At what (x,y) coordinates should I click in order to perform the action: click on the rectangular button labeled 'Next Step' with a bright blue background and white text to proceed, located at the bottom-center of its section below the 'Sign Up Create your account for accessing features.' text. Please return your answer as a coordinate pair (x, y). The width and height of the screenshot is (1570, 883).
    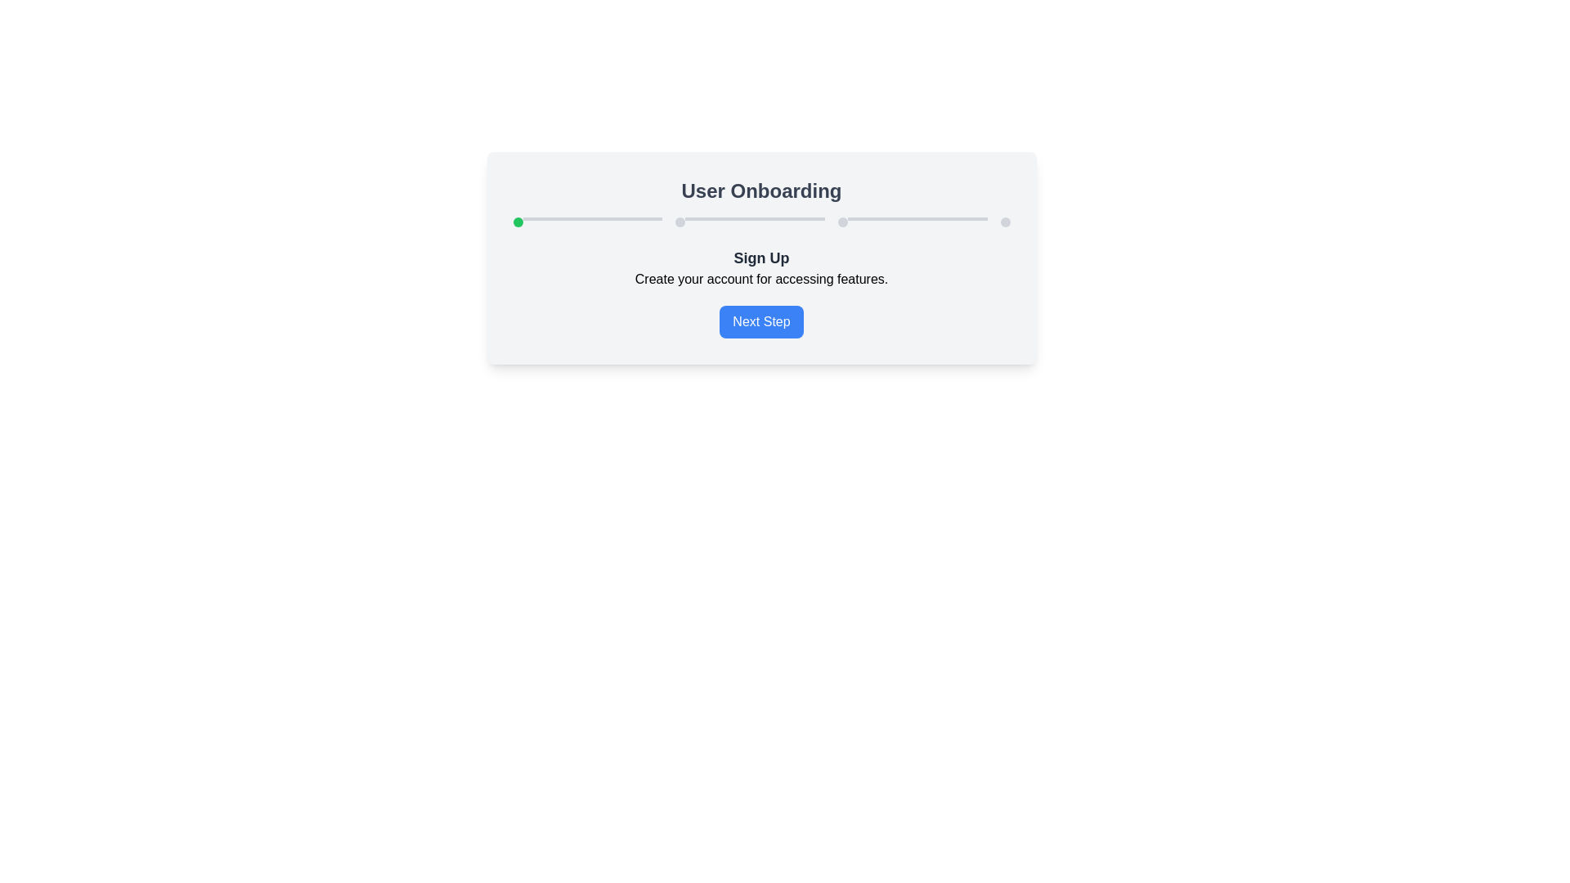
    Looking at the image, I should click on (760, 321).